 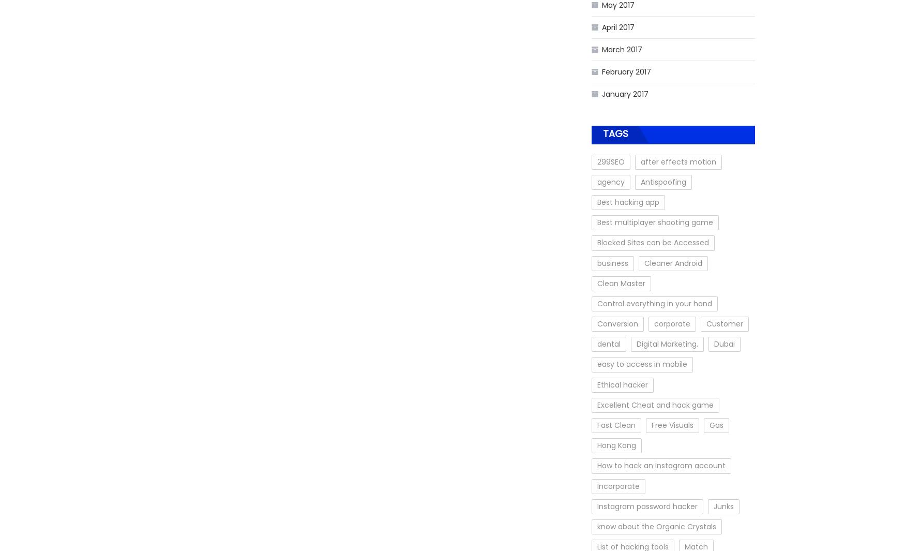 What do you see at coordinates (622, 49) in the screenshot?
I see `'March 2017'` at bounding box center [622, 49].